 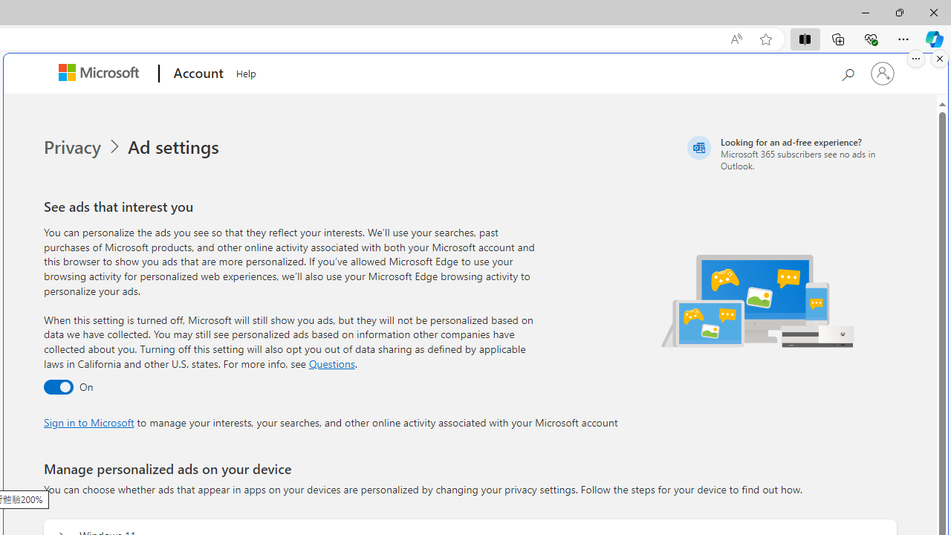 I want to click on 'Ad settings', so click(x=175, y=147).